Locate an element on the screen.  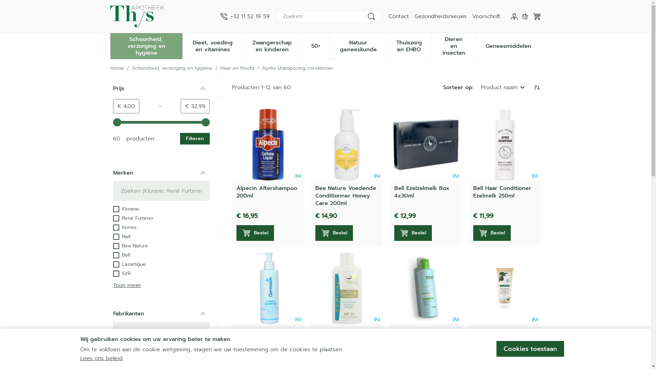
'Natuur geneeskunde' is located at coordinates (330, 45).